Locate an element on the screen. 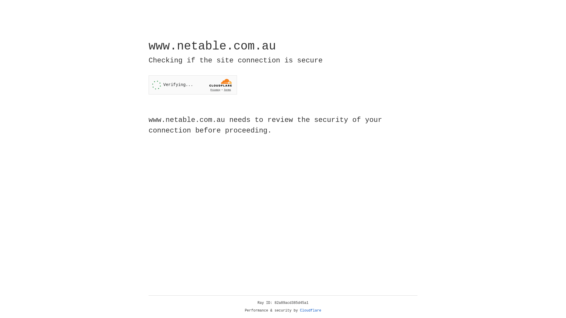 The height and width of the screenshot is (318, 566). 'Cloudflare' is located at coordinates (310, 310).